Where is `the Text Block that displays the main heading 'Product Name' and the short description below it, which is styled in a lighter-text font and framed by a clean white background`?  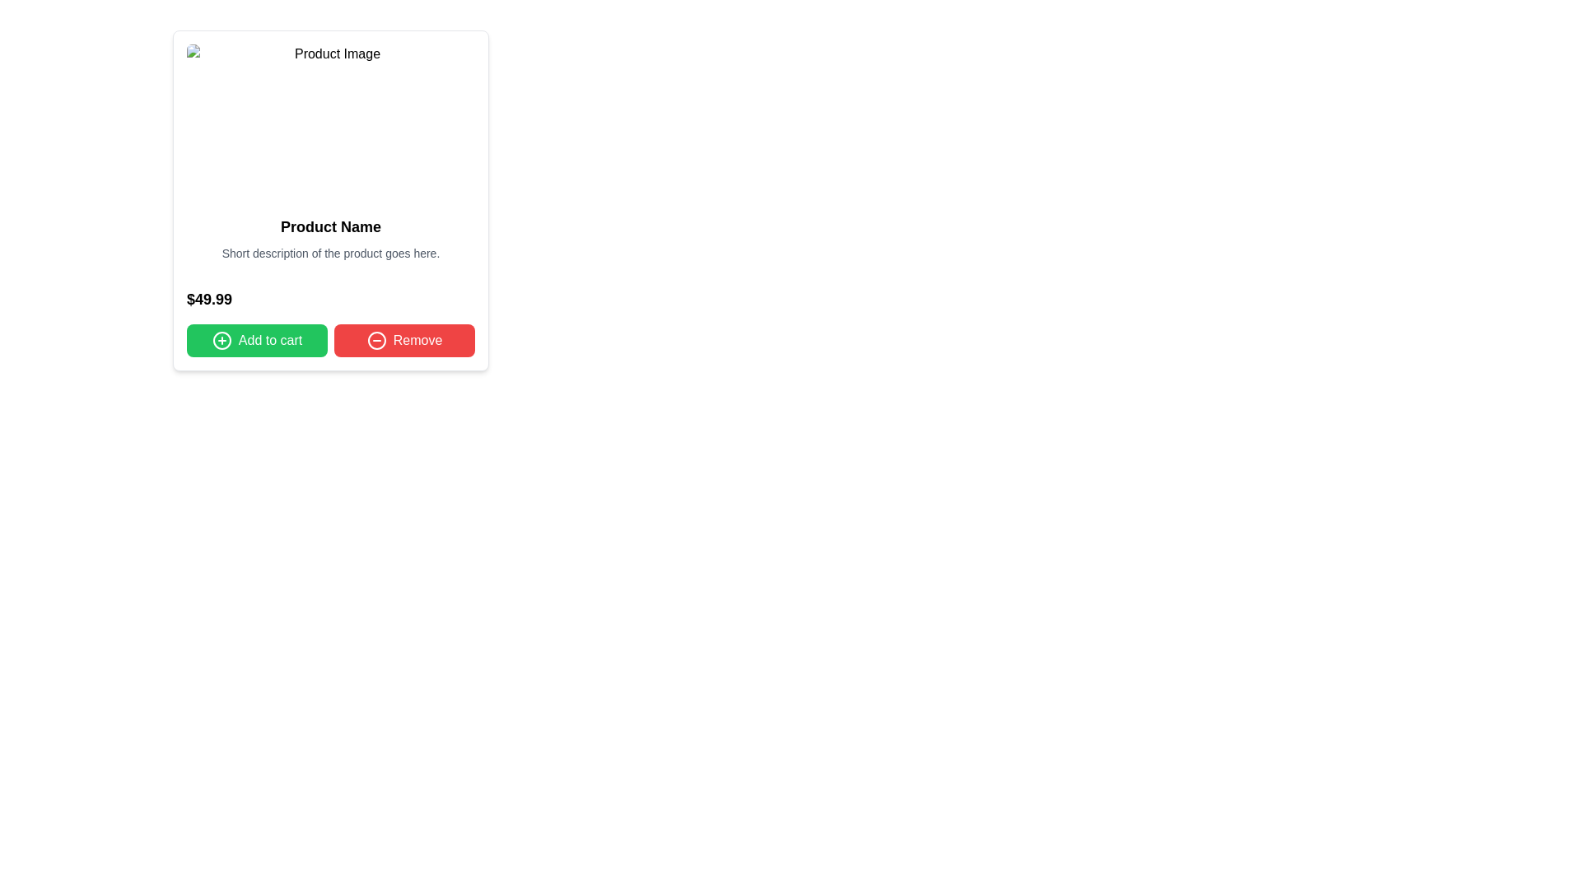
the Text Block that displays the main heading 'Product Name' and the short description below it, which is styled in a lighter-text font and framed by a clean white background is located at coordinates (330, 238).